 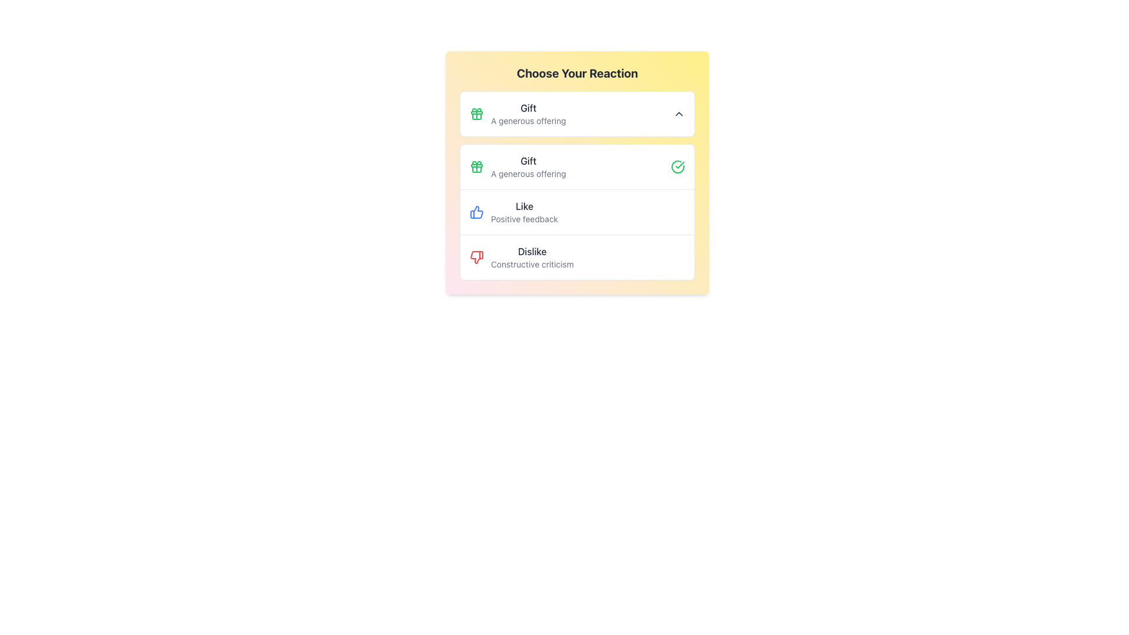 I want to click on descriptive text of the 'Like' element, which includes the word 'Like' in bold and the phrase 'Positive feedback', so click(x=524, y=212).